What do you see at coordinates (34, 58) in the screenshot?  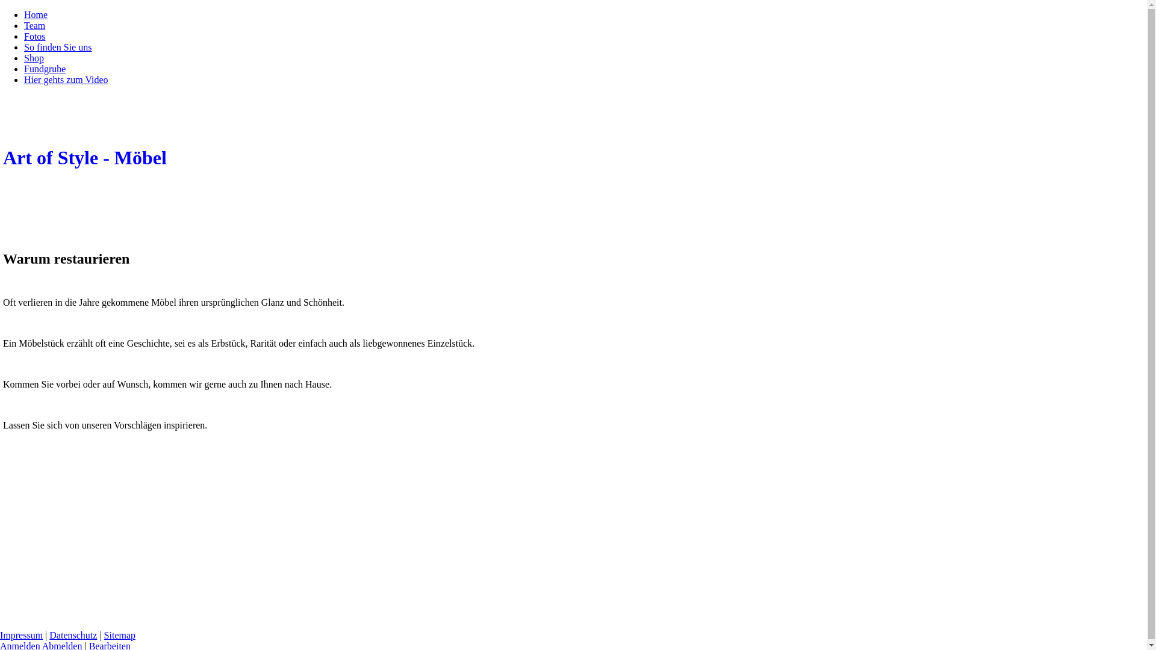 I see `'Shop'` at bounding box center [34, 58].